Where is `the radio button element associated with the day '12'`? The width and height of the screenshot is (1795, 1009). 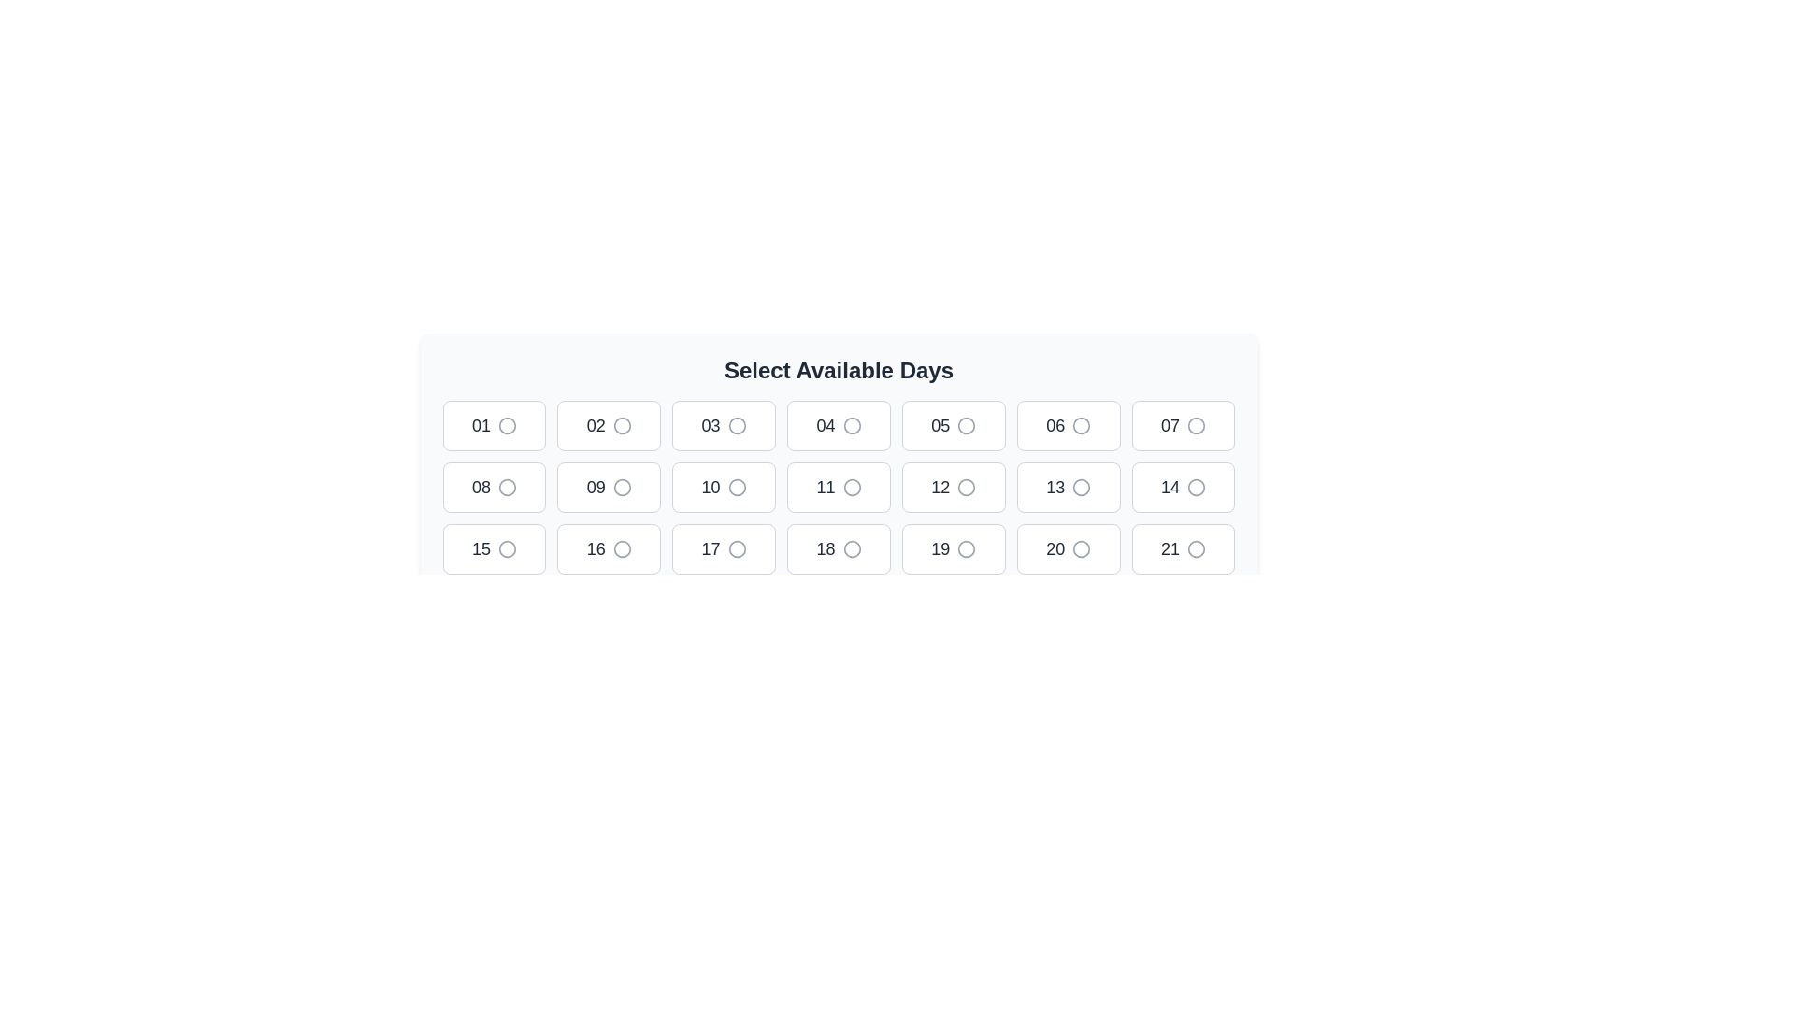 the radio button element associated with the day '12' is located at coordinates (967, 486).